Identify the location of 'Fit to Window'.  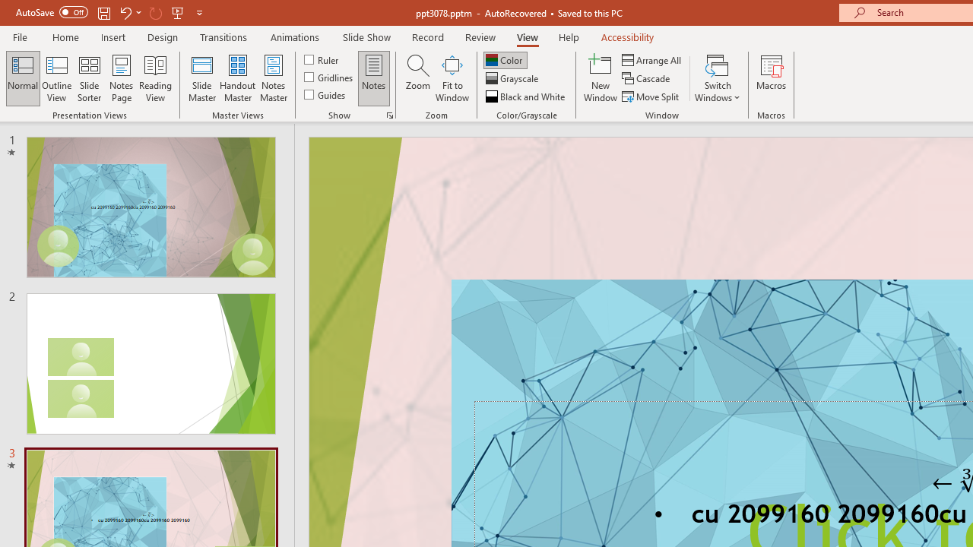
(452, 78).